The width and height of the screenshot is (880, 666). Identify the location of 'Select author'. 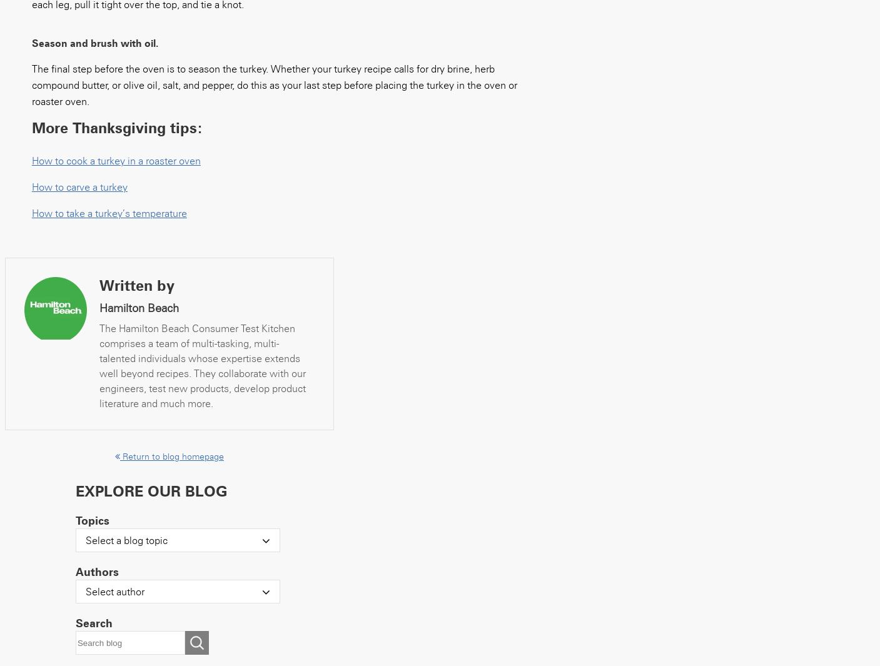
(114, 592).